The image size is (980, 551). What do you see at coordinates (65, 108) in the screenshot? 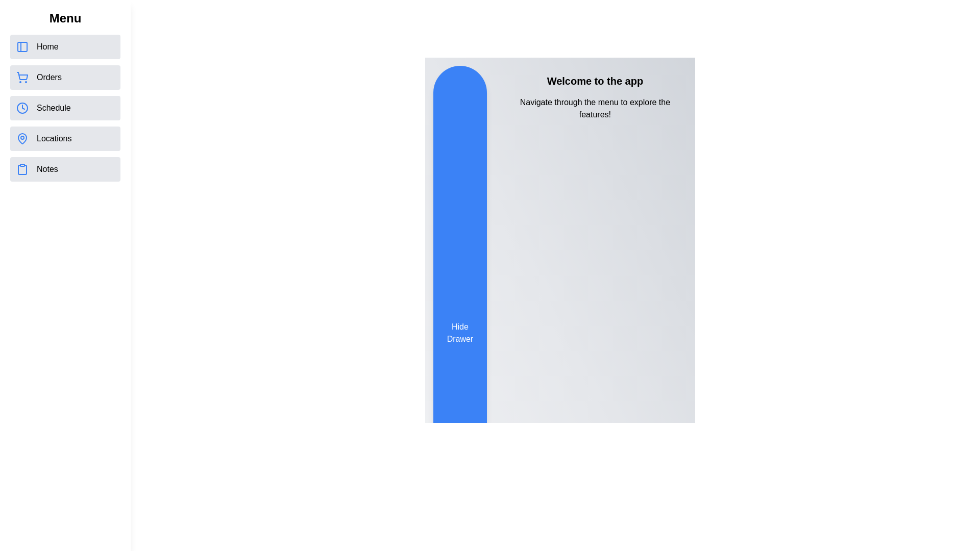
I see `the menu item Schedule to navigate` at bounding box center [65, 108].